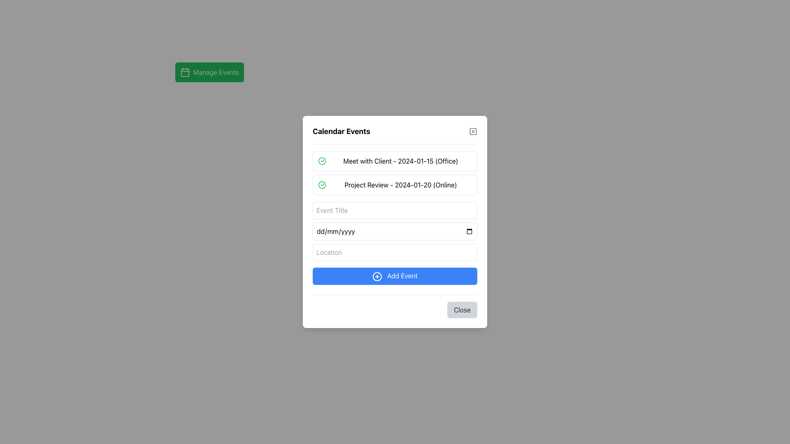  I want to click on the small rectangular calendar icon element located inside the green 'Manage Events' button in the top-left quarter of the interface, so click(185, 72).